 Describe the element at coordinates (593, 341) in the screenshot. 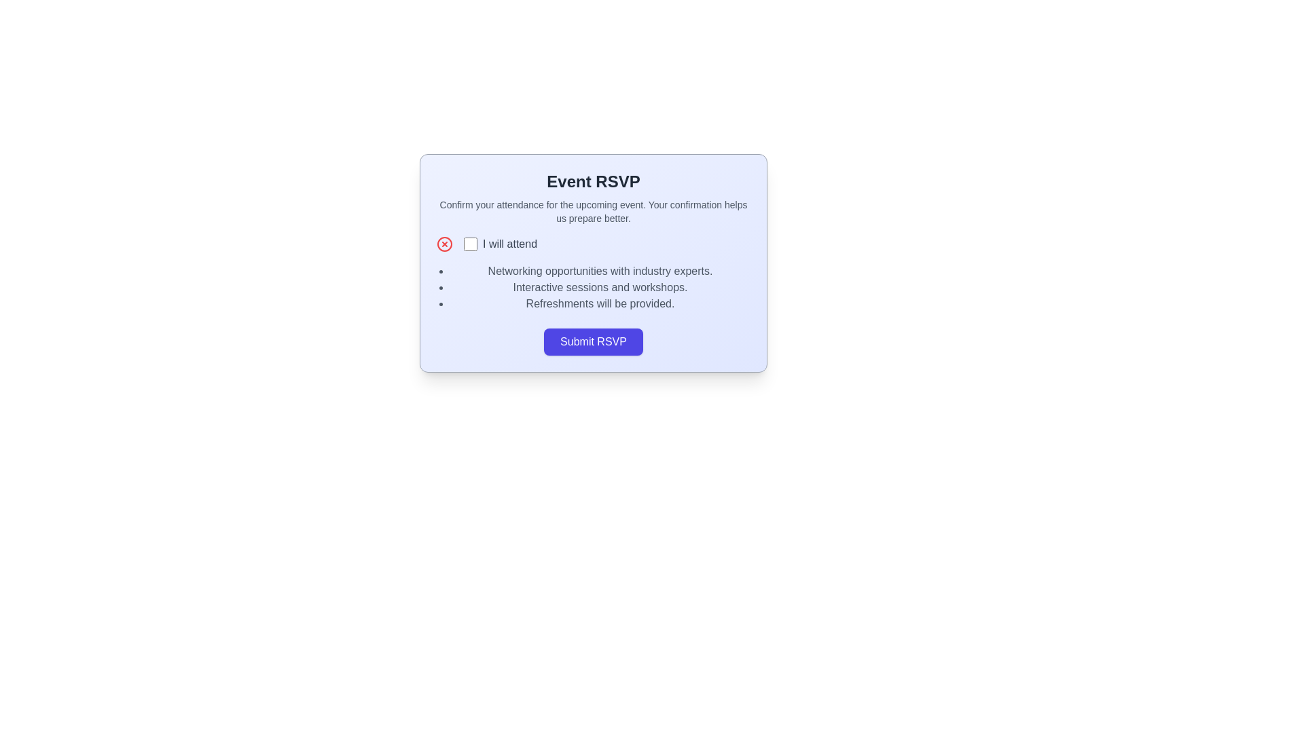

I see `the submission button for confirming attendance at the event` at that location.